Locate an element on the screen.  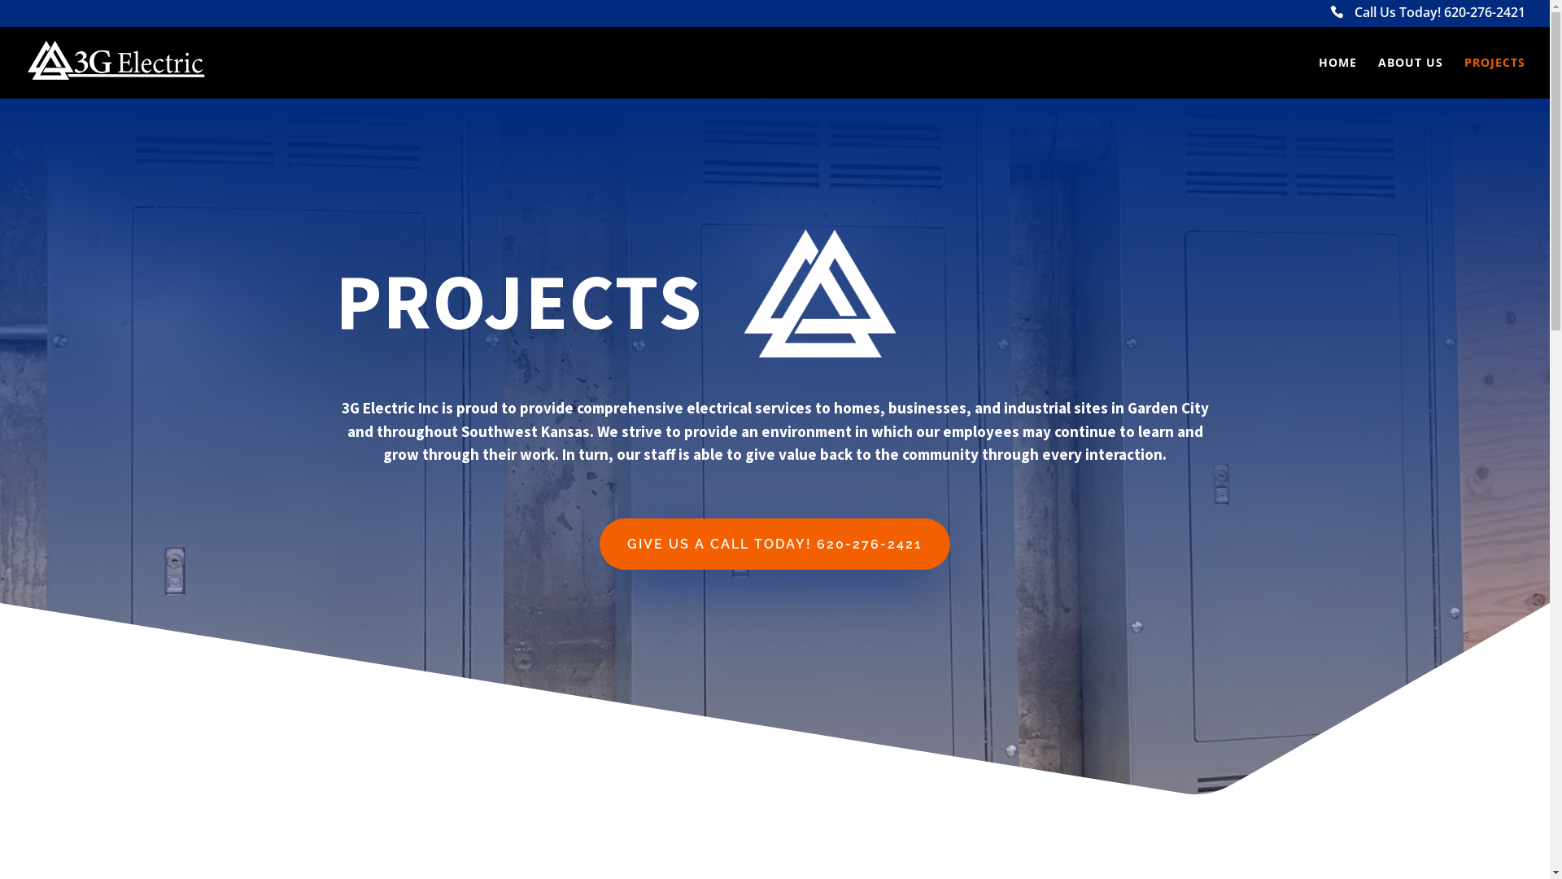
'Call Us Today! 620-276-2421' is located at coordinates (1427, 16).